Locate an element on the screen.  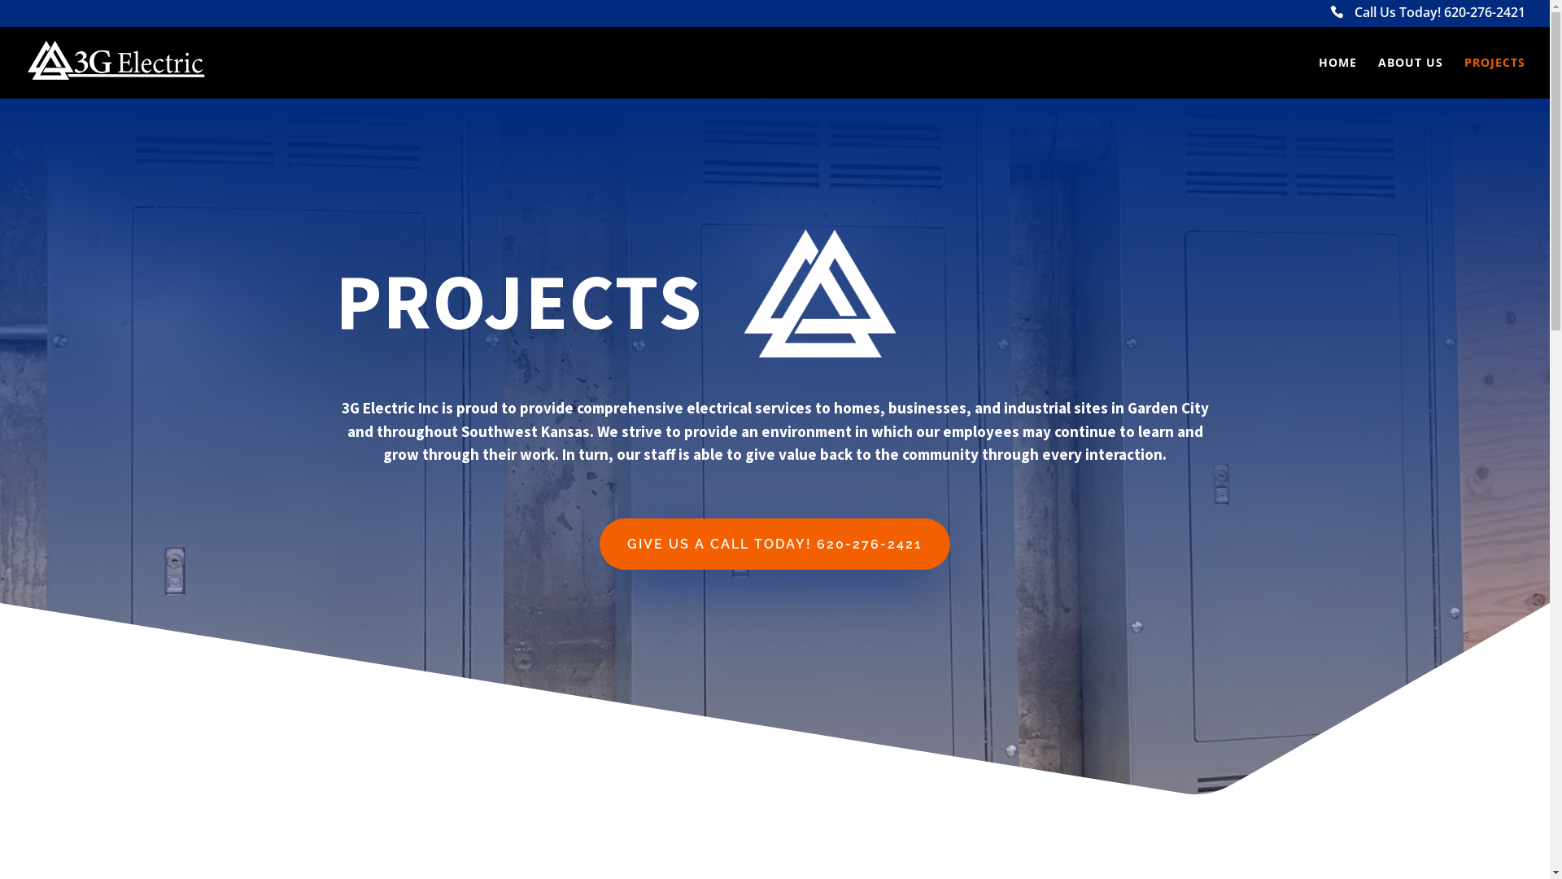
'Call Us Today! 620-276-2421' is located at coordinates (1427, 16).